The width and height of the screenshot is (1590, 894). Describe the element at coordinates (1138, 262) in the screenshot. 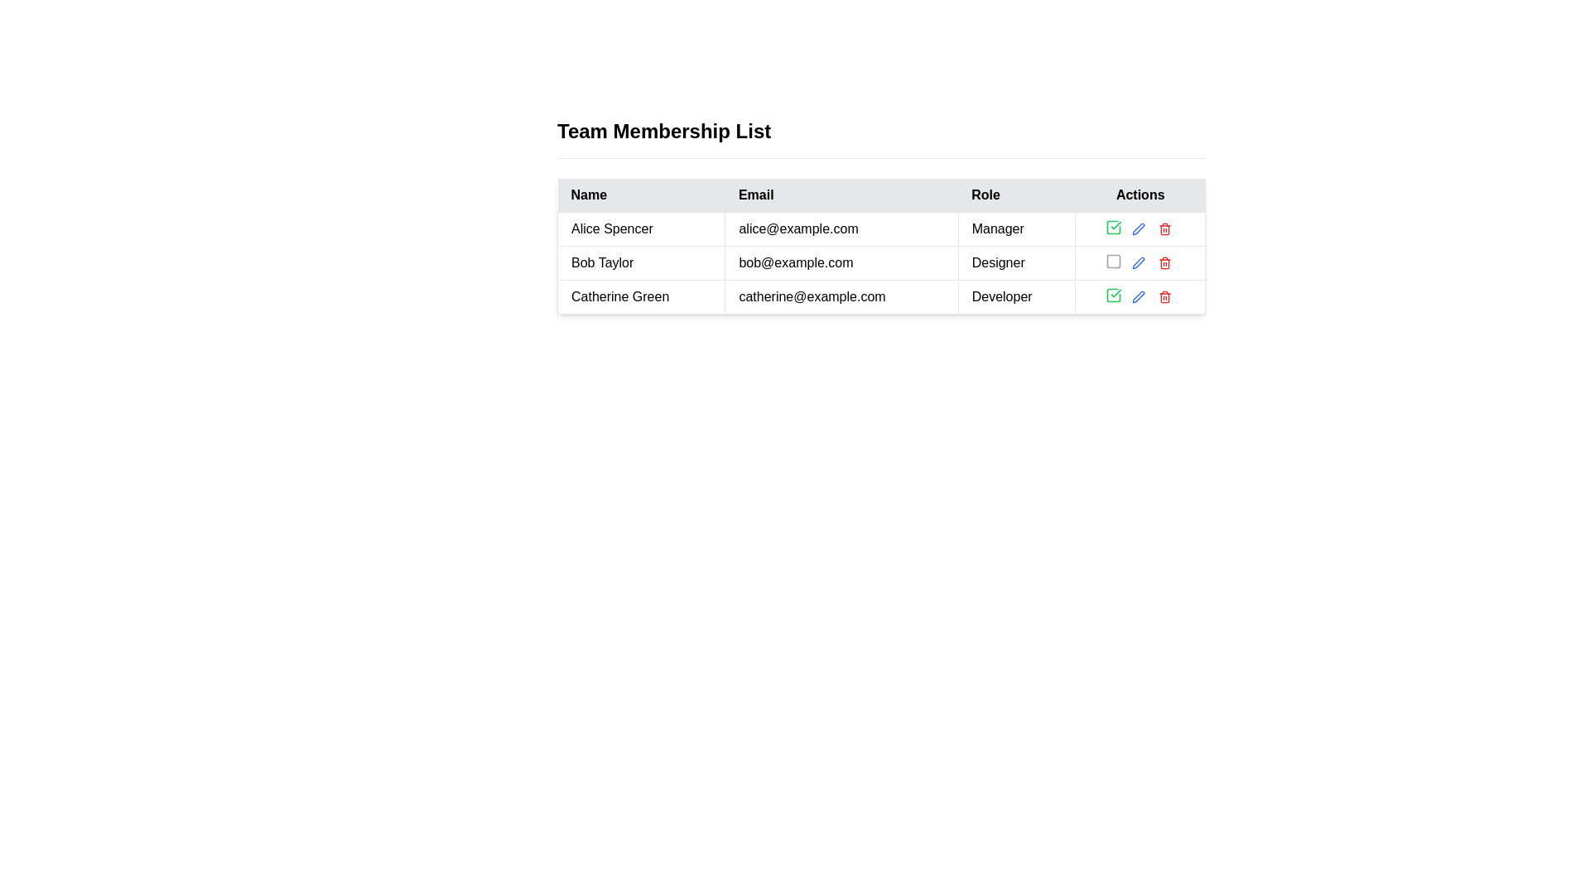

I see `the edit button icon in the 'Actions' column for the row corresponding to 'Bob Taylor'. This button allows the user to modify details associated with 'Bob Taylor'` at that location.